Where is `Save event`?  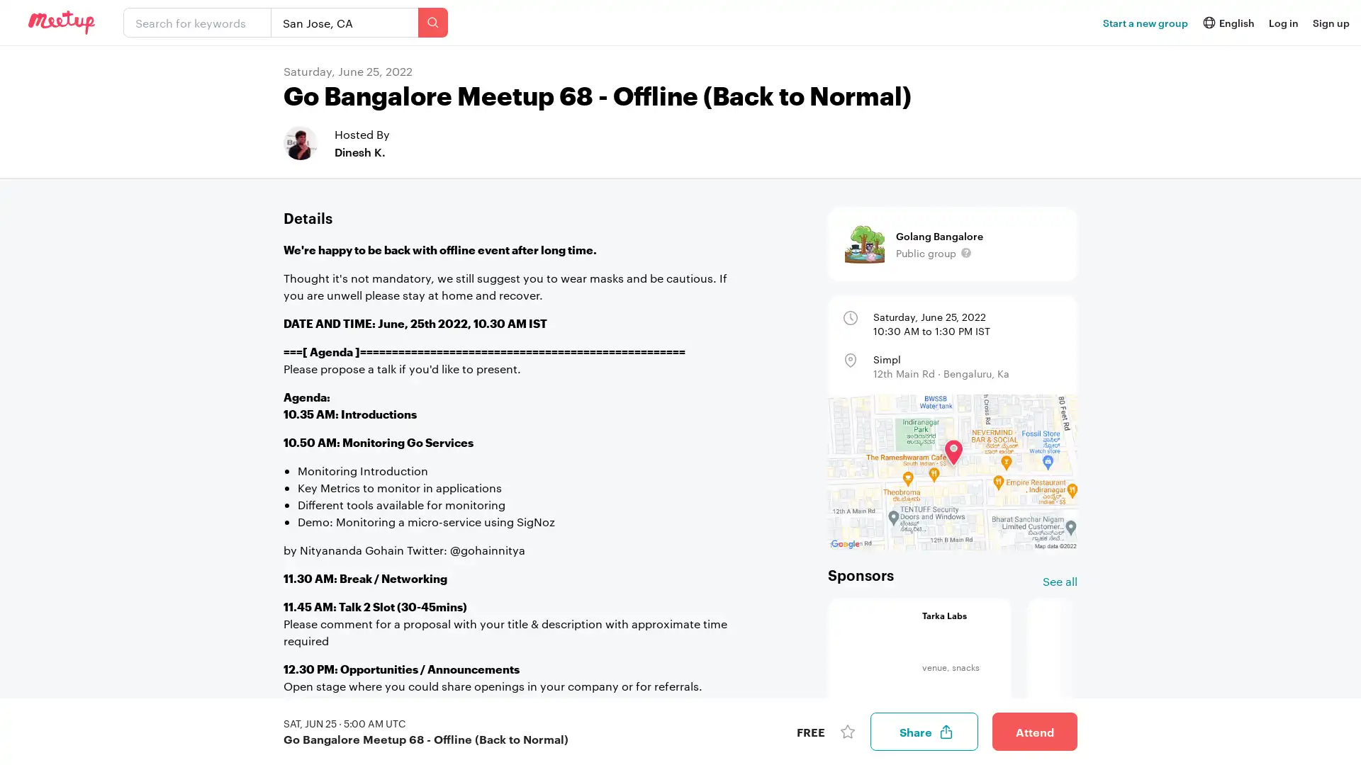
Save event is located at coordinates (847, 732).